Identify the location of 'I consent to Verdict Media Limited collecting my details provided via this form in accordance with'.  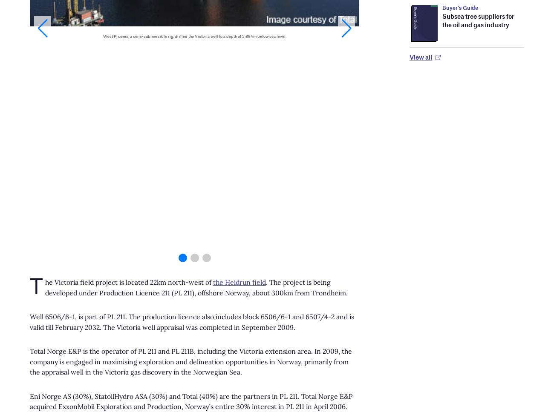
(158, 154).